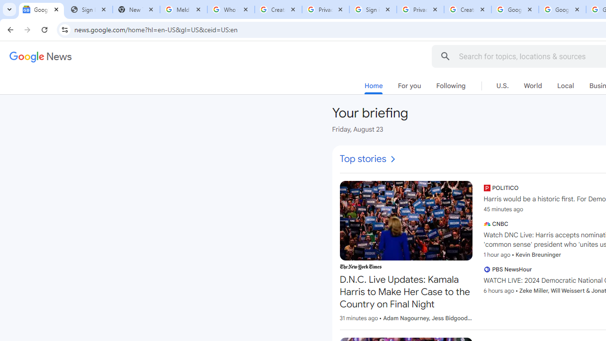  Describe the element at coordinates (533, 86) in the screenshot. I see `'World'` at that location.